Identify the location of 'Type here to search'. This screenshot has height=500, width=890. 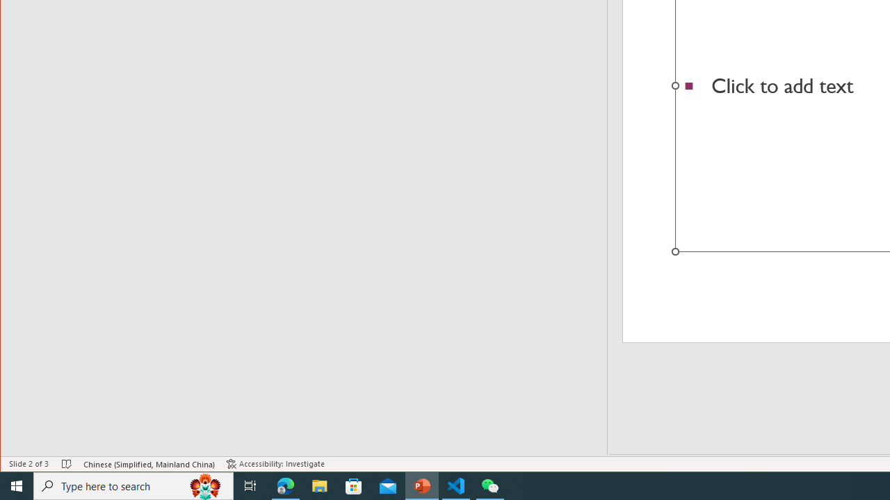
(133, 485).